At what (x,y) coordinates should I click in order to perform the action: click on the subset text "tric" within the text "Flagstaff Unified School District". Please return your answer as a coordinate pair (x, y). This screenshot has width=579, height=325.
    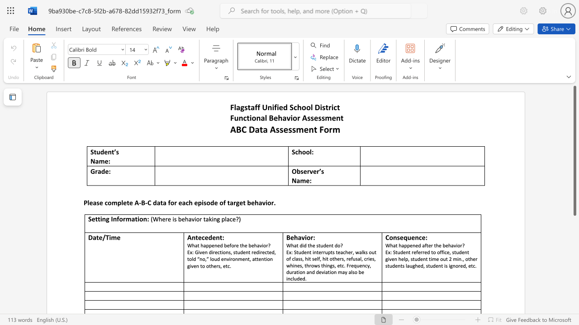
    Looking at the image, I should click on (325, 107).